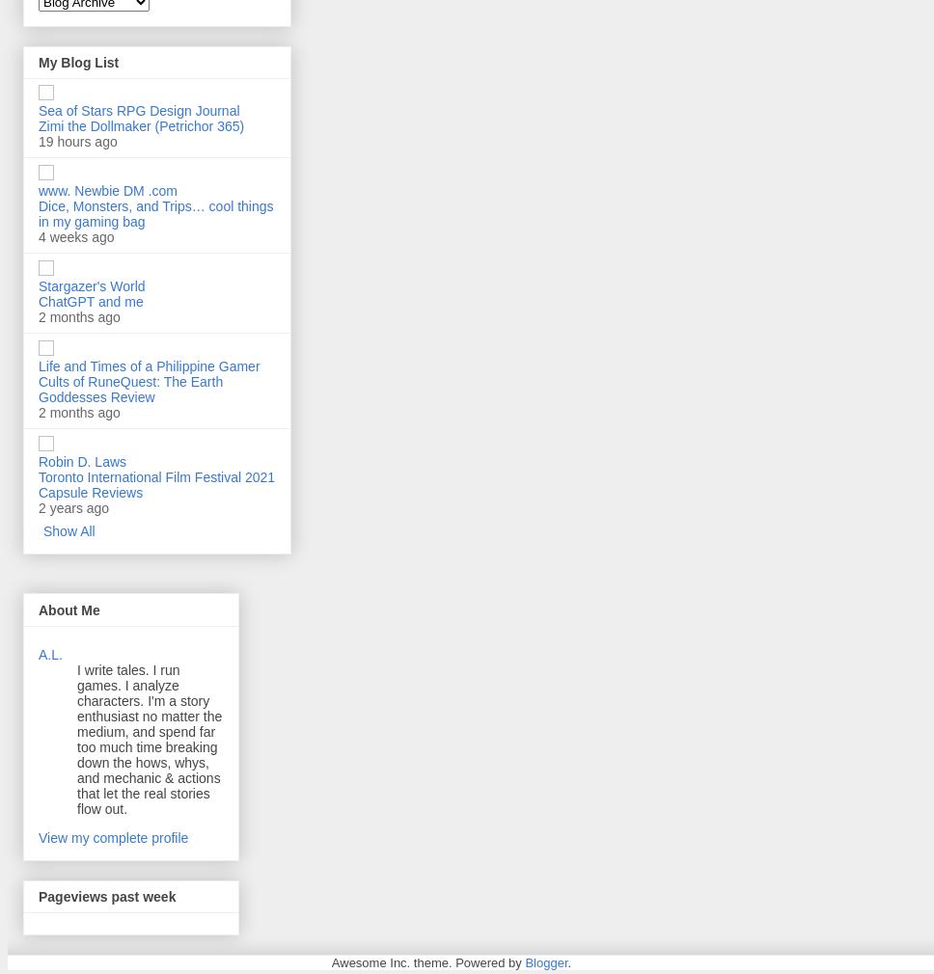  What do you see at coordinates (74, 236) in the screenshot?
I see `'4 weeks ago'` at bounding box center [74, 236].